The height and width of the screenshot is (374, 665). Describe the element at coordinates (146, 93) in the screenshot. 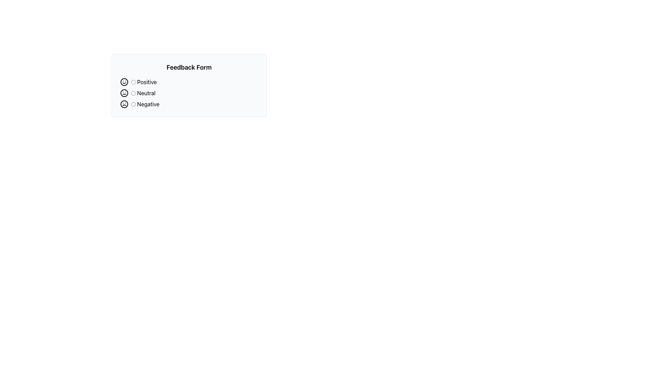

I see `the 'Neutral' label to associate it with the corresponding radio button for 'Neutral' feedback` at that location.